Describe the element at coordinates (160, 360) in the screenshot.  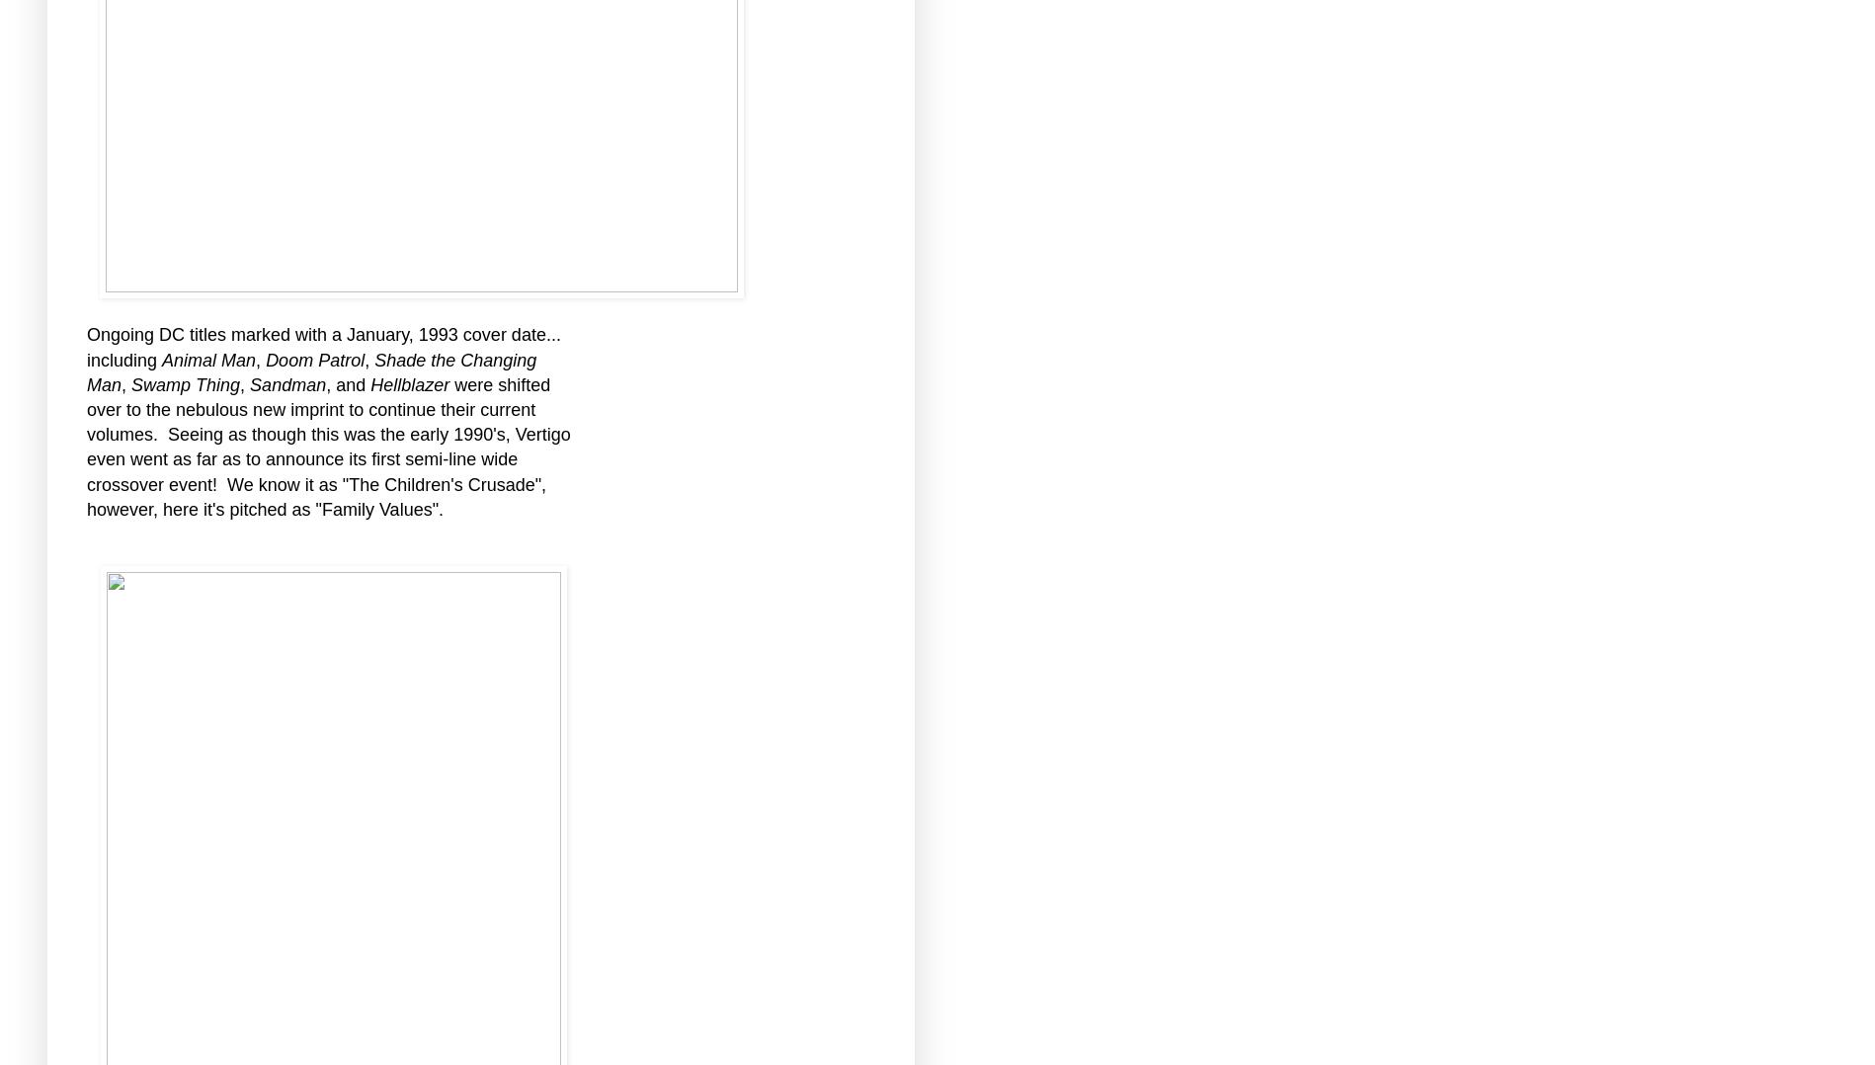
I see `'Animal Man'` at that location.